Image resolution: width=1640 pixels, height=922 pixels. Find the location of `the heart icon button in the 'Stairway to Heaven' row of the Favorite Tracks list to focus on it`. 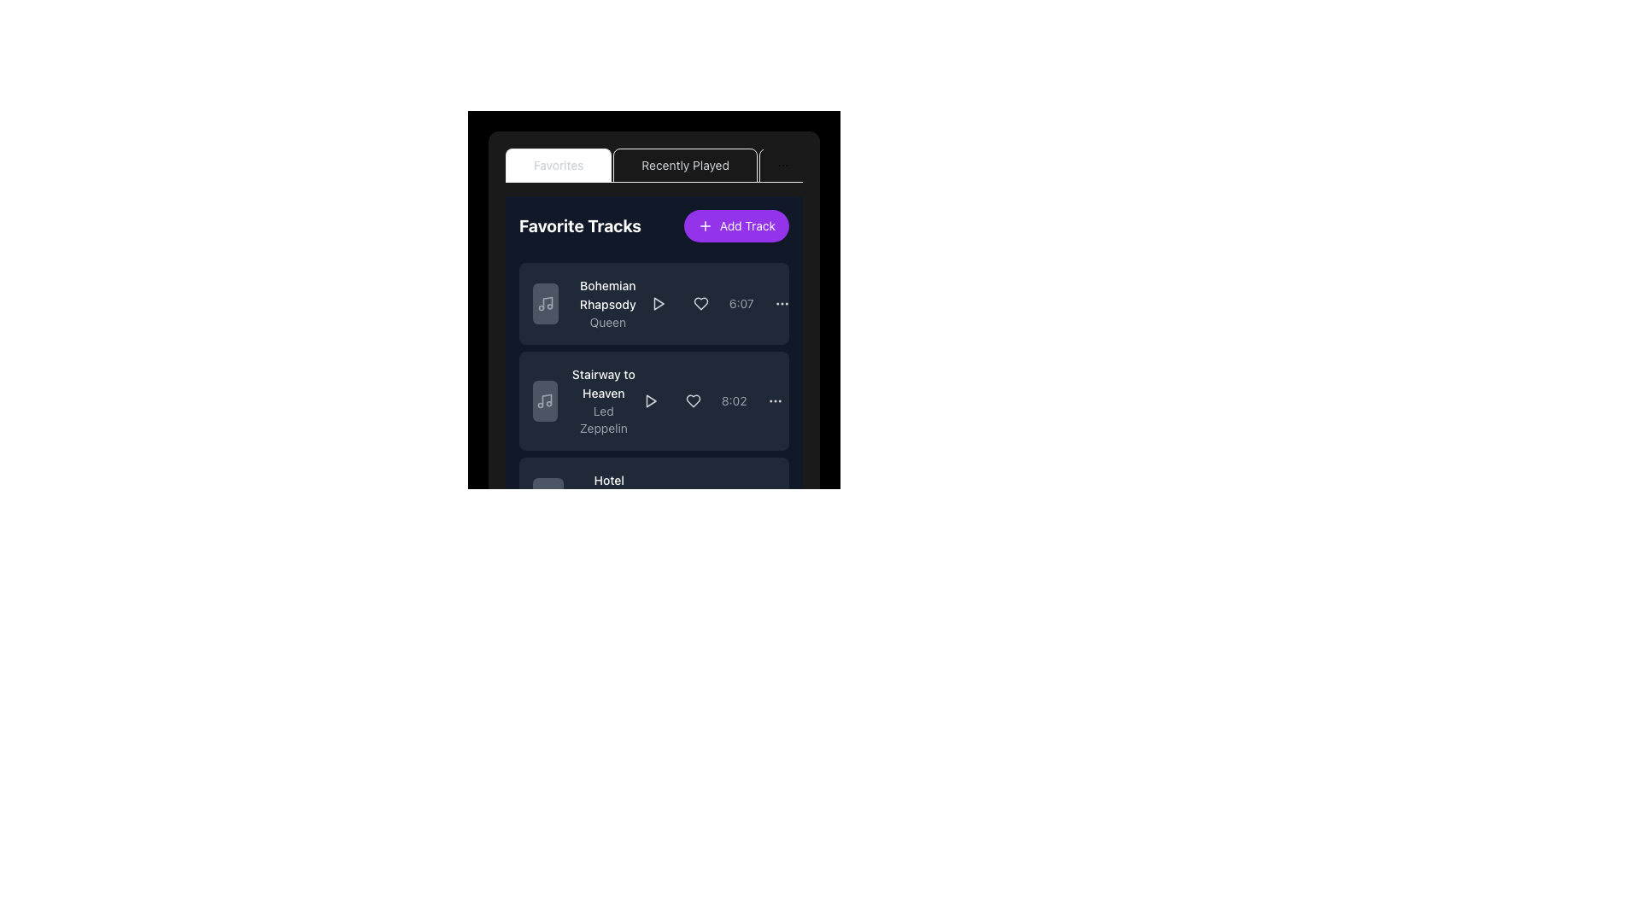

the heart icon button in the 'Stairway to Heaven' row of the Favorite Tracks list to focus on it is located at coordinates (693, 401).